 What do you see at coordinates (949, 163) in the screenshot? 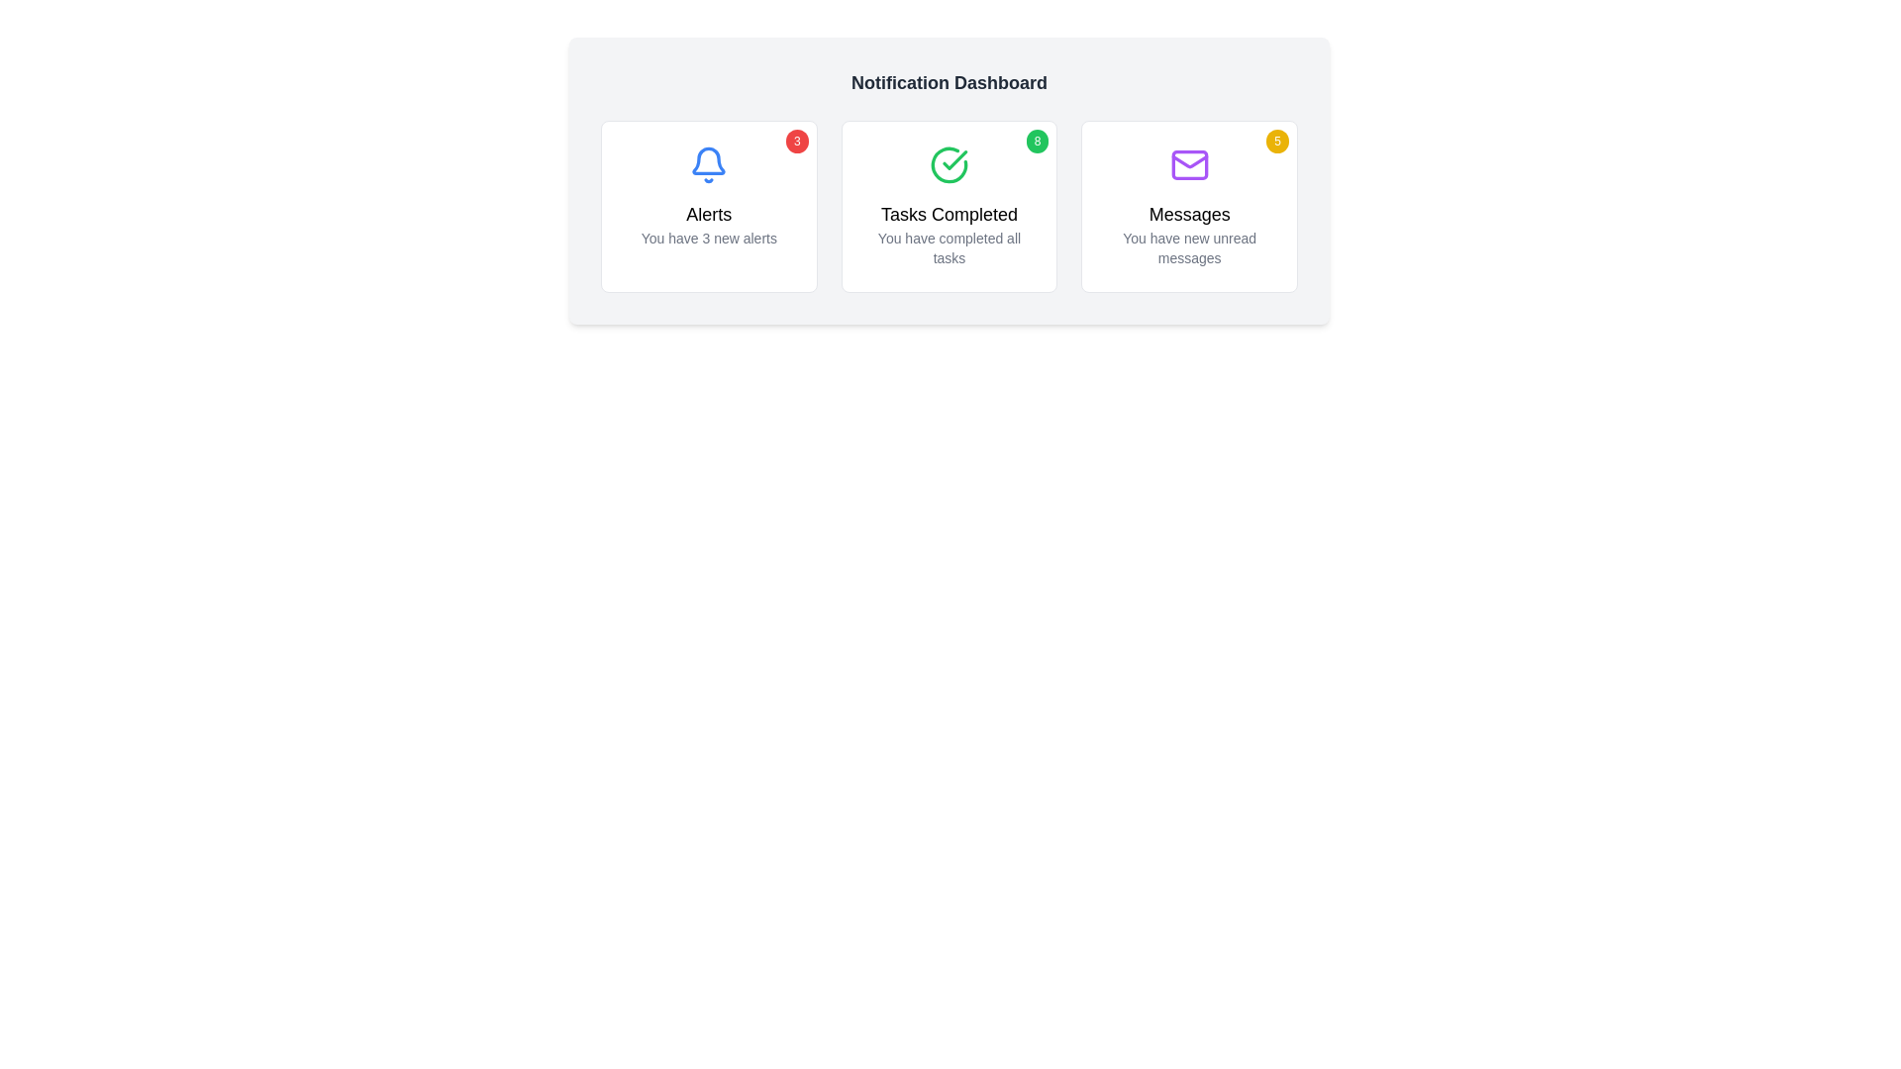
I see `the visual indicator for completed tasks located at the top center of the 'Tasks Completed' card in the 'Notification Dashboard' interface` at bounding box center [949, 163].